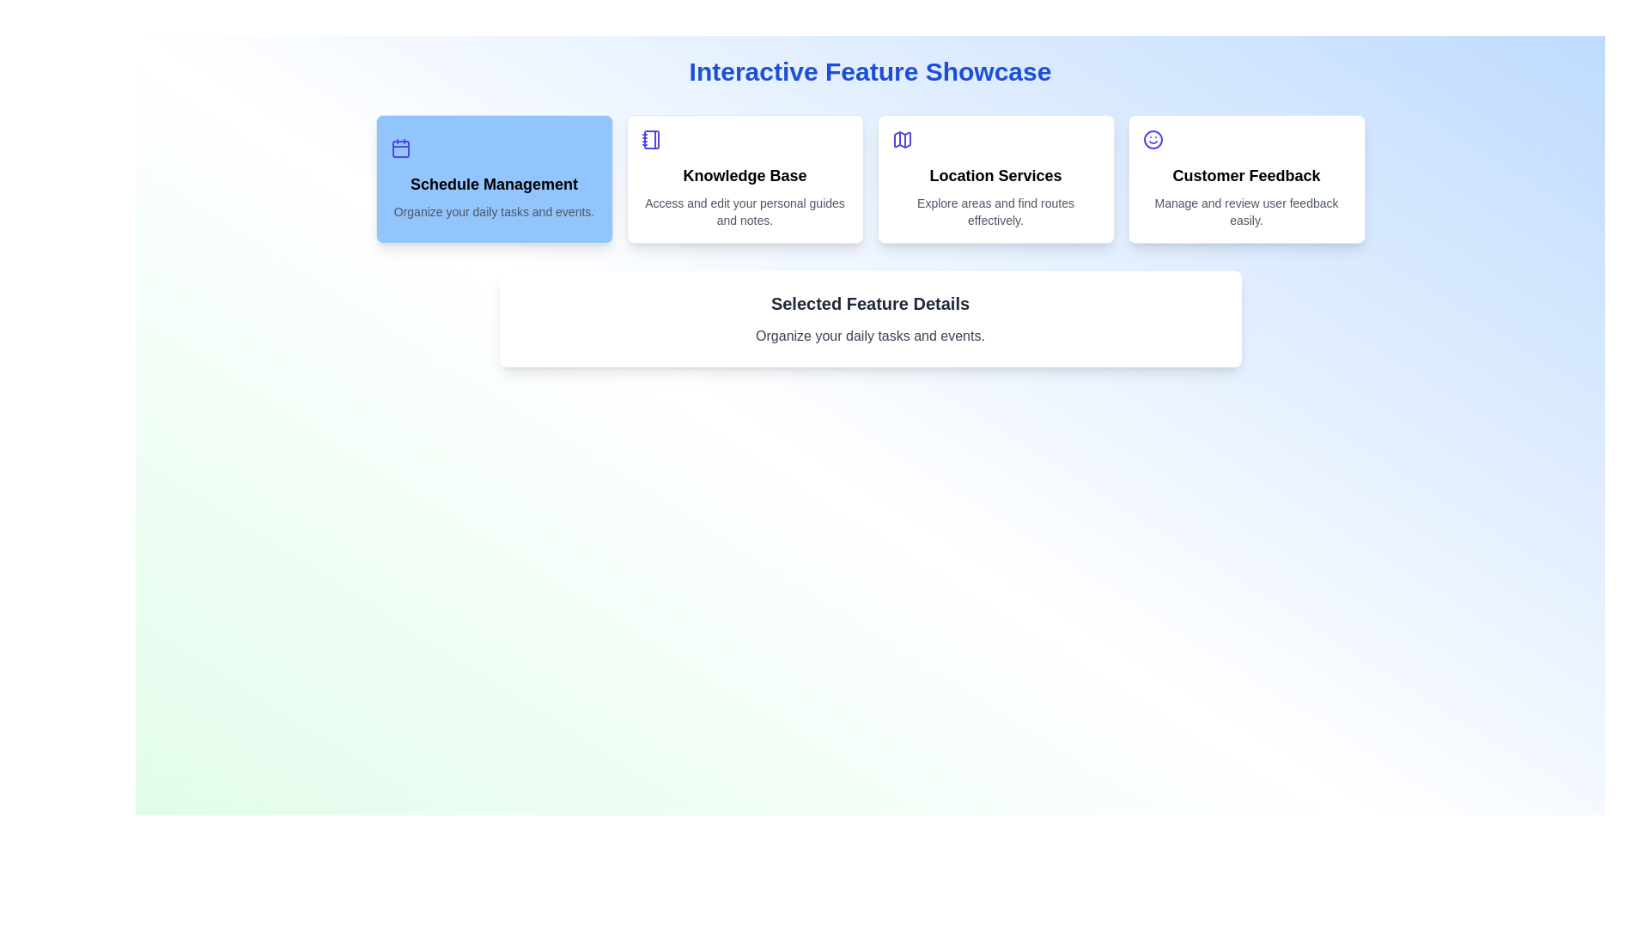  Describe the element at coordinates (995, 175) in the screenshot. I see `the 'Location Services' TextLabel, which is styled with a bold font and serves as a headline in the third feature card` at that location.